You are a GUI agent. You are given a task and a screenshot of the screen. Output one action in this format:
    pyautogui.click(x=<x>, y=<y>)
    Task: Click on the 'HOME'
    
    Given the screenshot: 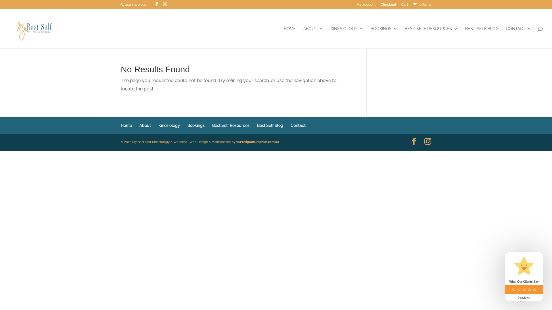 What is the action you would take?
    pyautogui.click(x=290, y=38)
    